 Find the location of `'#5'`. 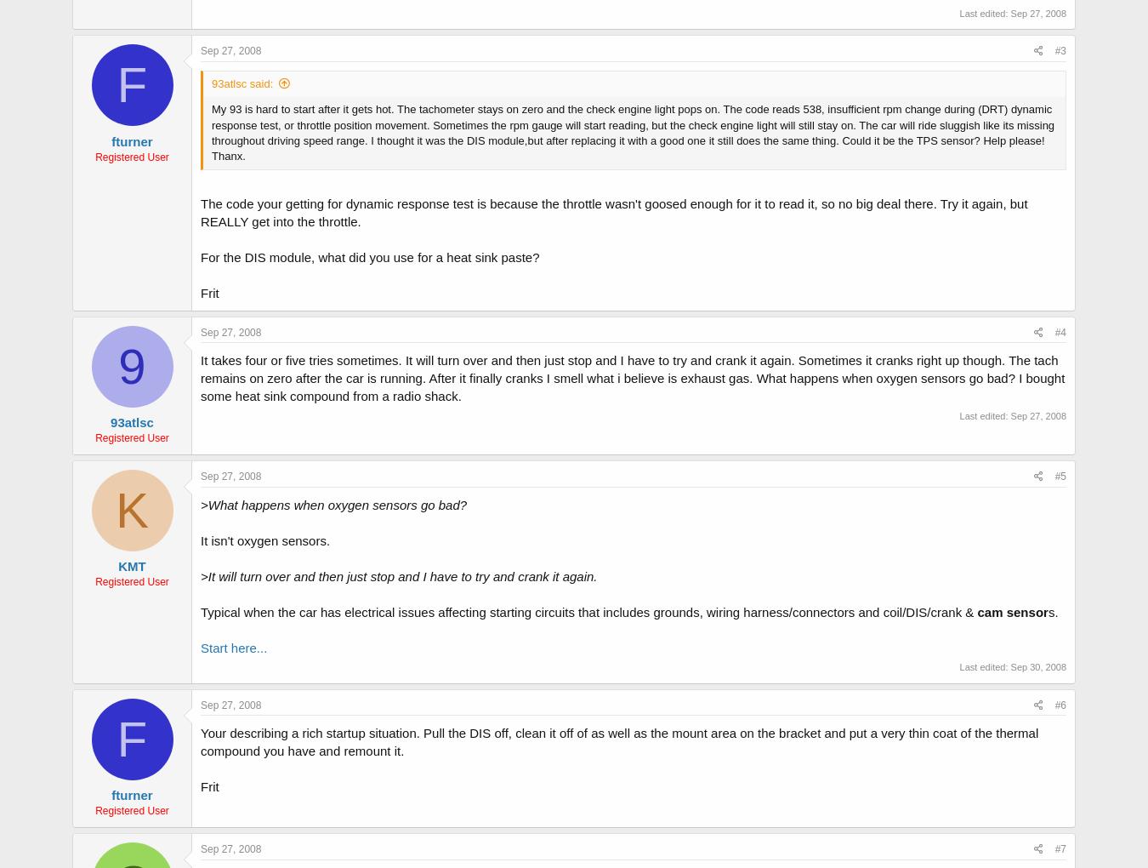

'#5' is located at coordinates (1060, 475).